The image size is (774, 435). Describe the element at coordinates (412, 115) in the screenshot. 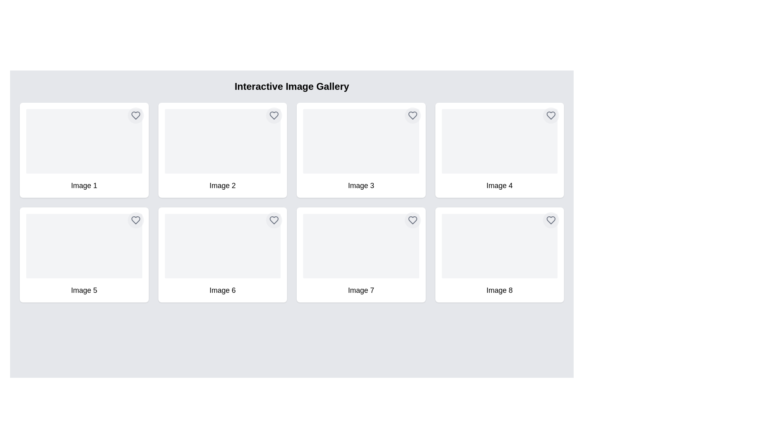

I see `the heart icon located in the top-right corner of 'Image 3' in the interactive image gallery for accessibility tools` at that location.